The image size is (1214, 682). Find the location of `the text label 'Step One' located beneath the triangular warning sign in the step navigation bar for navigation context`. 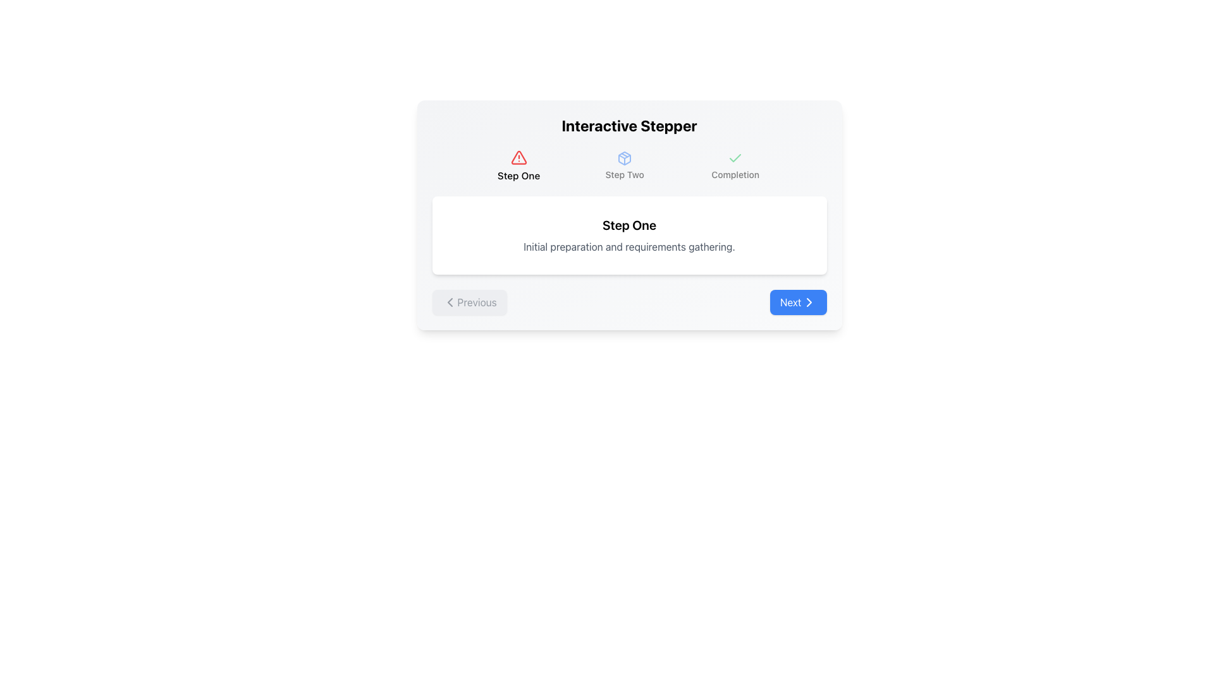

the text label 'Step One' located beneath the triangular warning sign in the step navigation bar for navigation context is located at coordinates (518, 176).